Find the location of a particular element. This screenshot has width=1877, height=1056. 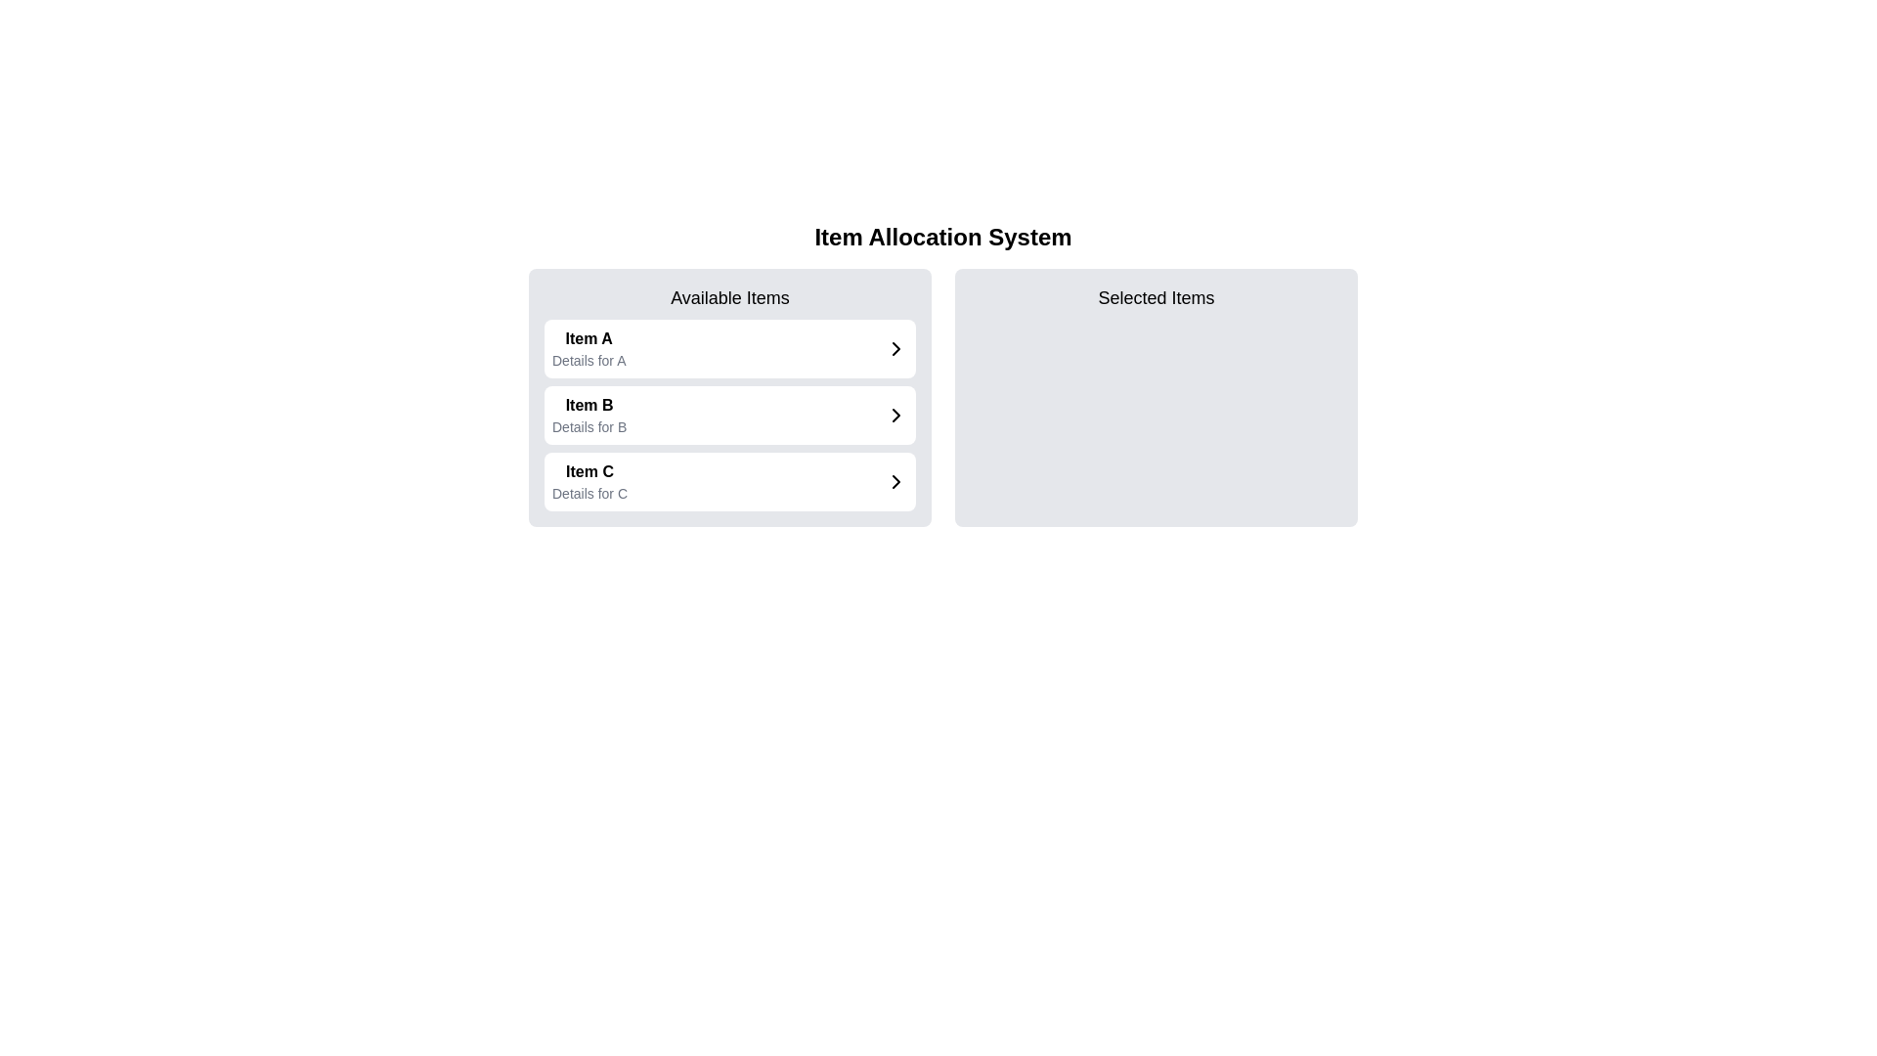

the icon button located at the far right end of the row containing 'Item C' is located at coordinates (895, 482).